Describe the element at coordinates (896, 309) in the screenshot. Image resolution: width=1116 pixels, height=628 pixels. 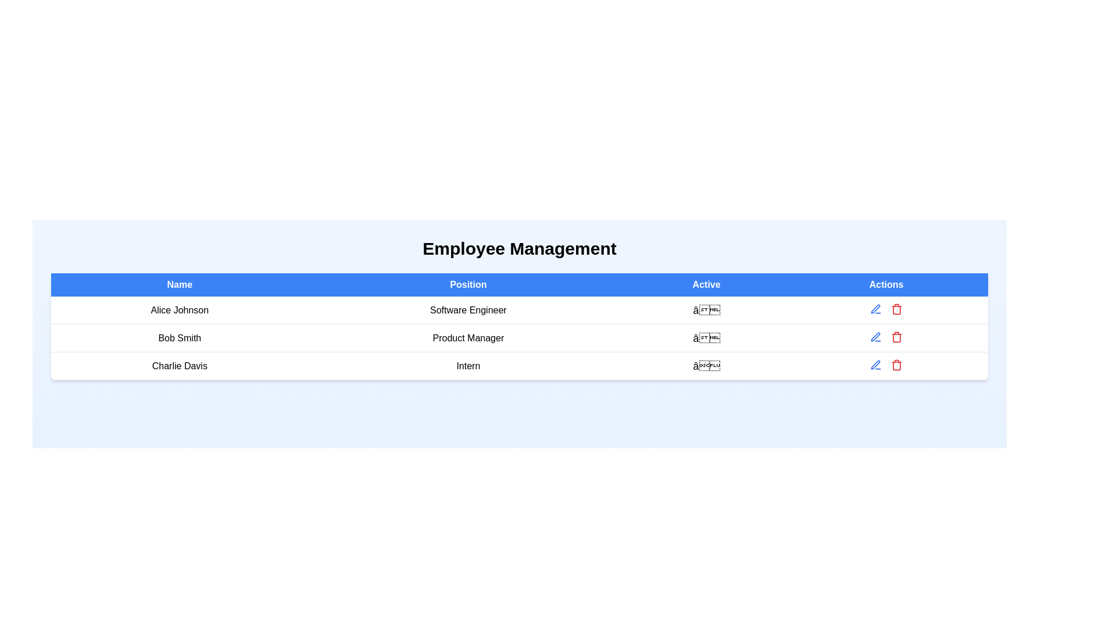
I see `delete button for the employee record with name Alice Johnson` at that location.